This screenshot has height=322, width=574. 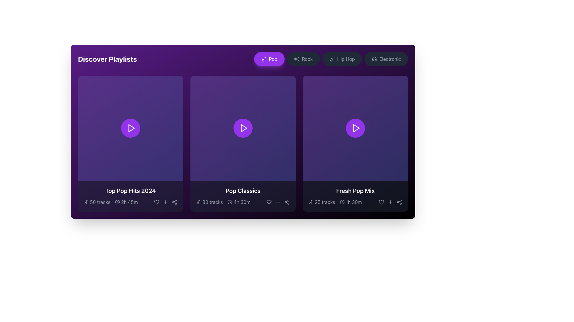 What do you see at coordinates (239, 202) in the screenshot?
I see `displayed text indicating the total duration of the playlist located below the title 'Pop Classics' in the central playlist card` at bounding box center [239, 202].